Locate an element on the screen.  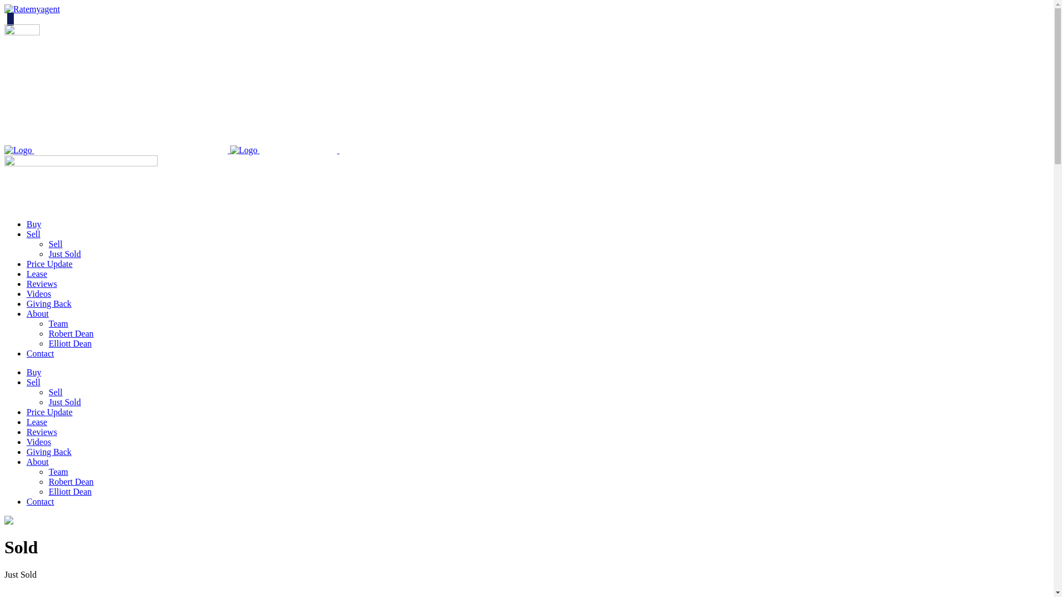
'Videos' is located at coordinates (39, 441).